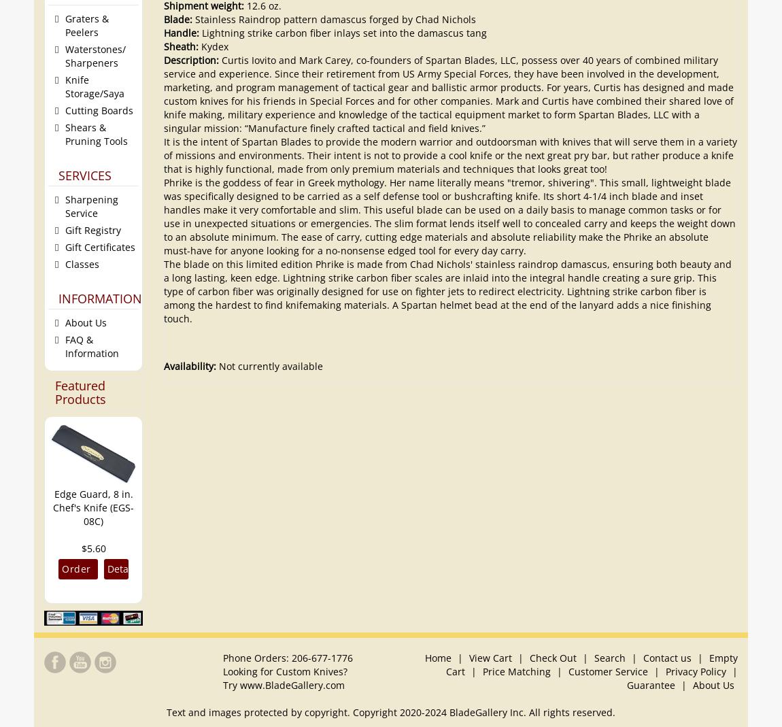 The height and width of the screenshot is (727, 782). What do you see at coordinates (92, 229) in the screenshot?
I see `'Gift Registry'` at bounding box center [92, 229].